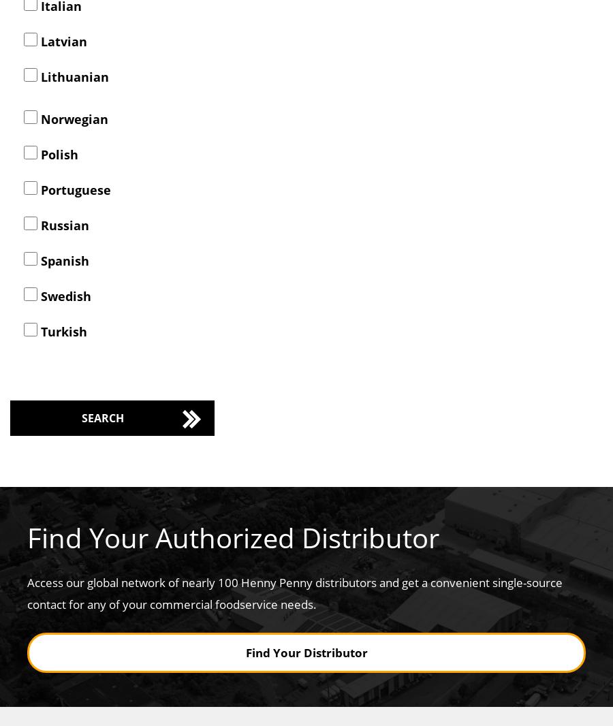 The width and height of the screenshot is (613, 726). I want to click on 'Latvian', so click(61, 40).